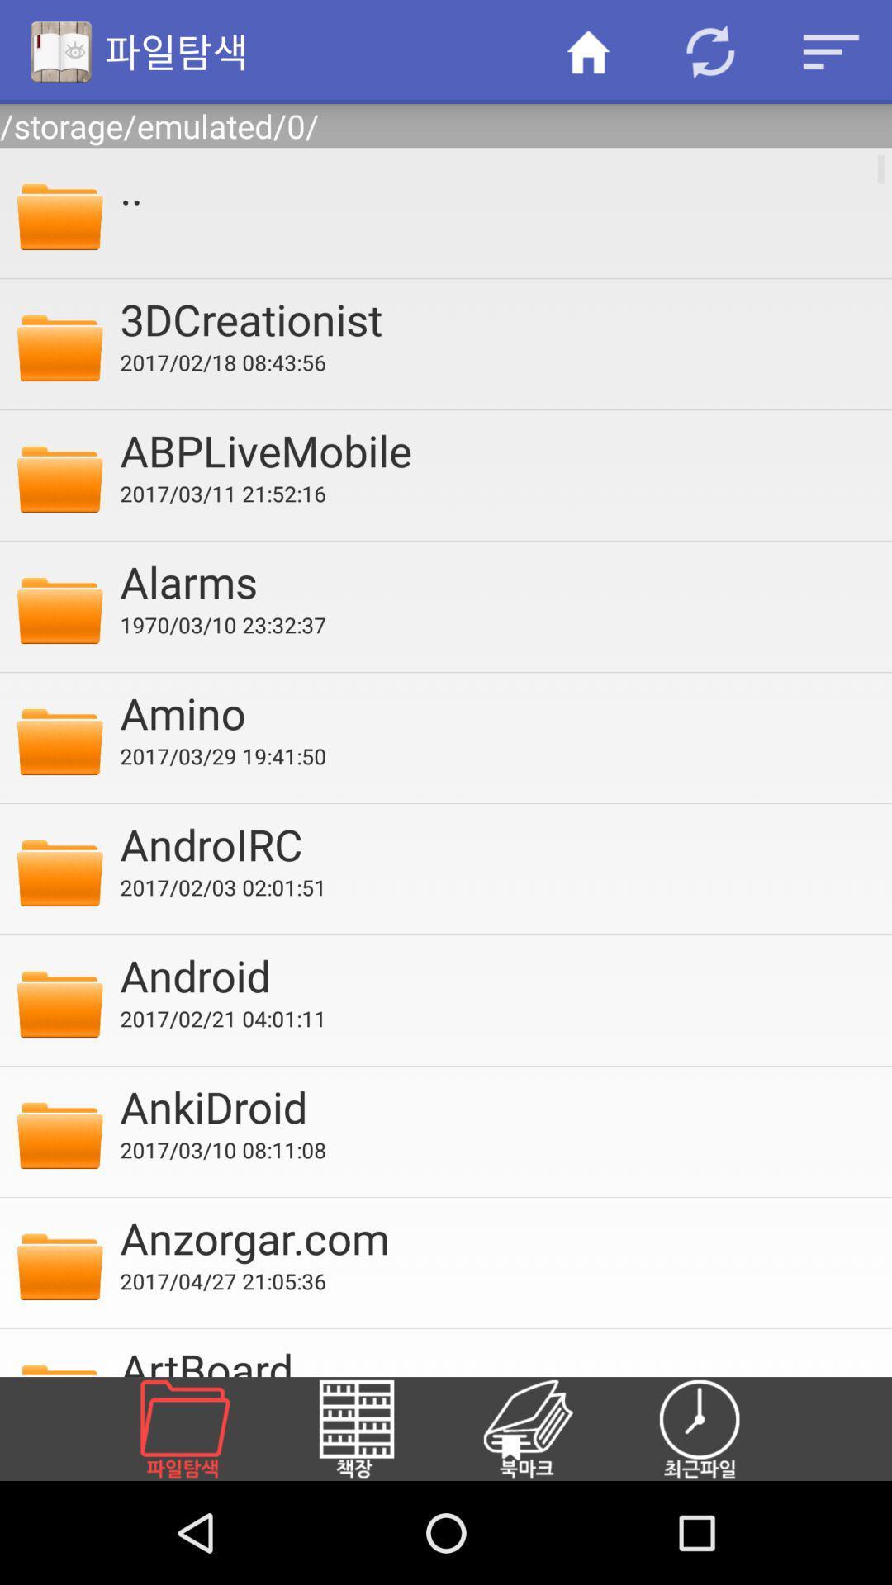 The height and width of the screenshot is (1585, 892). I want to click on the artboard icon, so click(494, 1358).